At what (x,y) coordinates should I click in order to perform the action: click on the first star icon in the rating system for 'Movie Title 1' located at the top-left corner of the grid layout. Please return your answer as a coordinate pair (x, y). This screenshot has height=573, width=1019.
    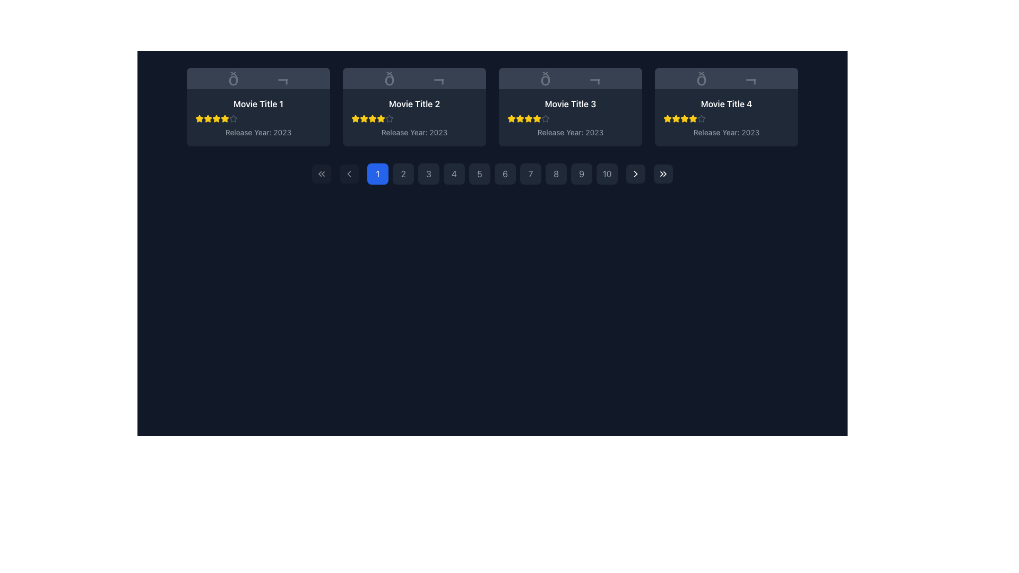
    Looking at the image, I should click on (199, 118).